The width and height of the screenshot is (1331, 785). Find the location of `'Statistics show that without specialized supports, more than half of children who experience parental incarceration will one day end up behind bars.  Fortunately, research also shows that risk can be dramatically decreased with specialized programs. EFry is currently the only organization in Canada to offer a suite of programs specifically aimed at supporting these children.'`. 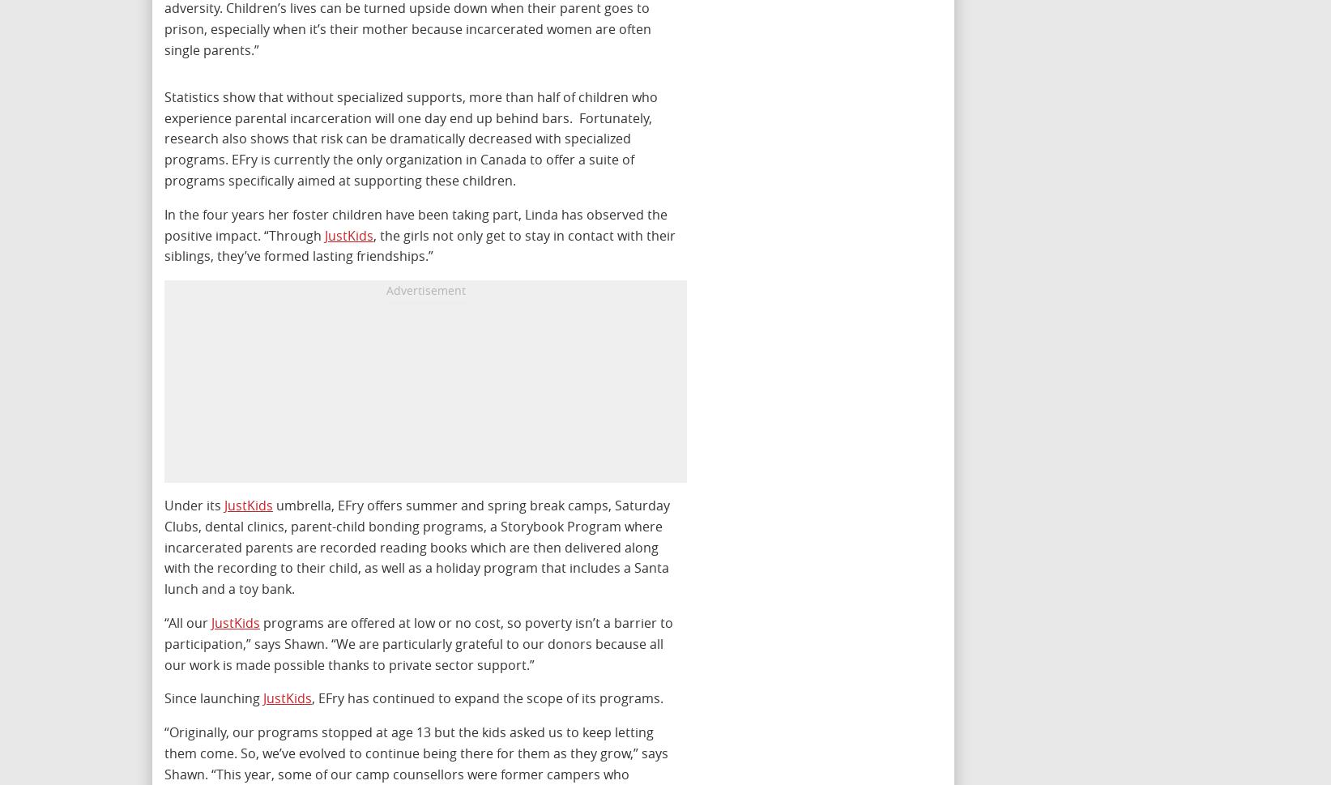

'Statistics show that without specialized supports, more than half of children who experience parental incarceration will one day end up behind bars.  Fortunately, research also shows that risk can be dramatically decreased with specialized programs. EFry is currently the only organization in Canada to offer a suite of programs specifically aimed at supporting these children.' is located at coordinates (164, 137).